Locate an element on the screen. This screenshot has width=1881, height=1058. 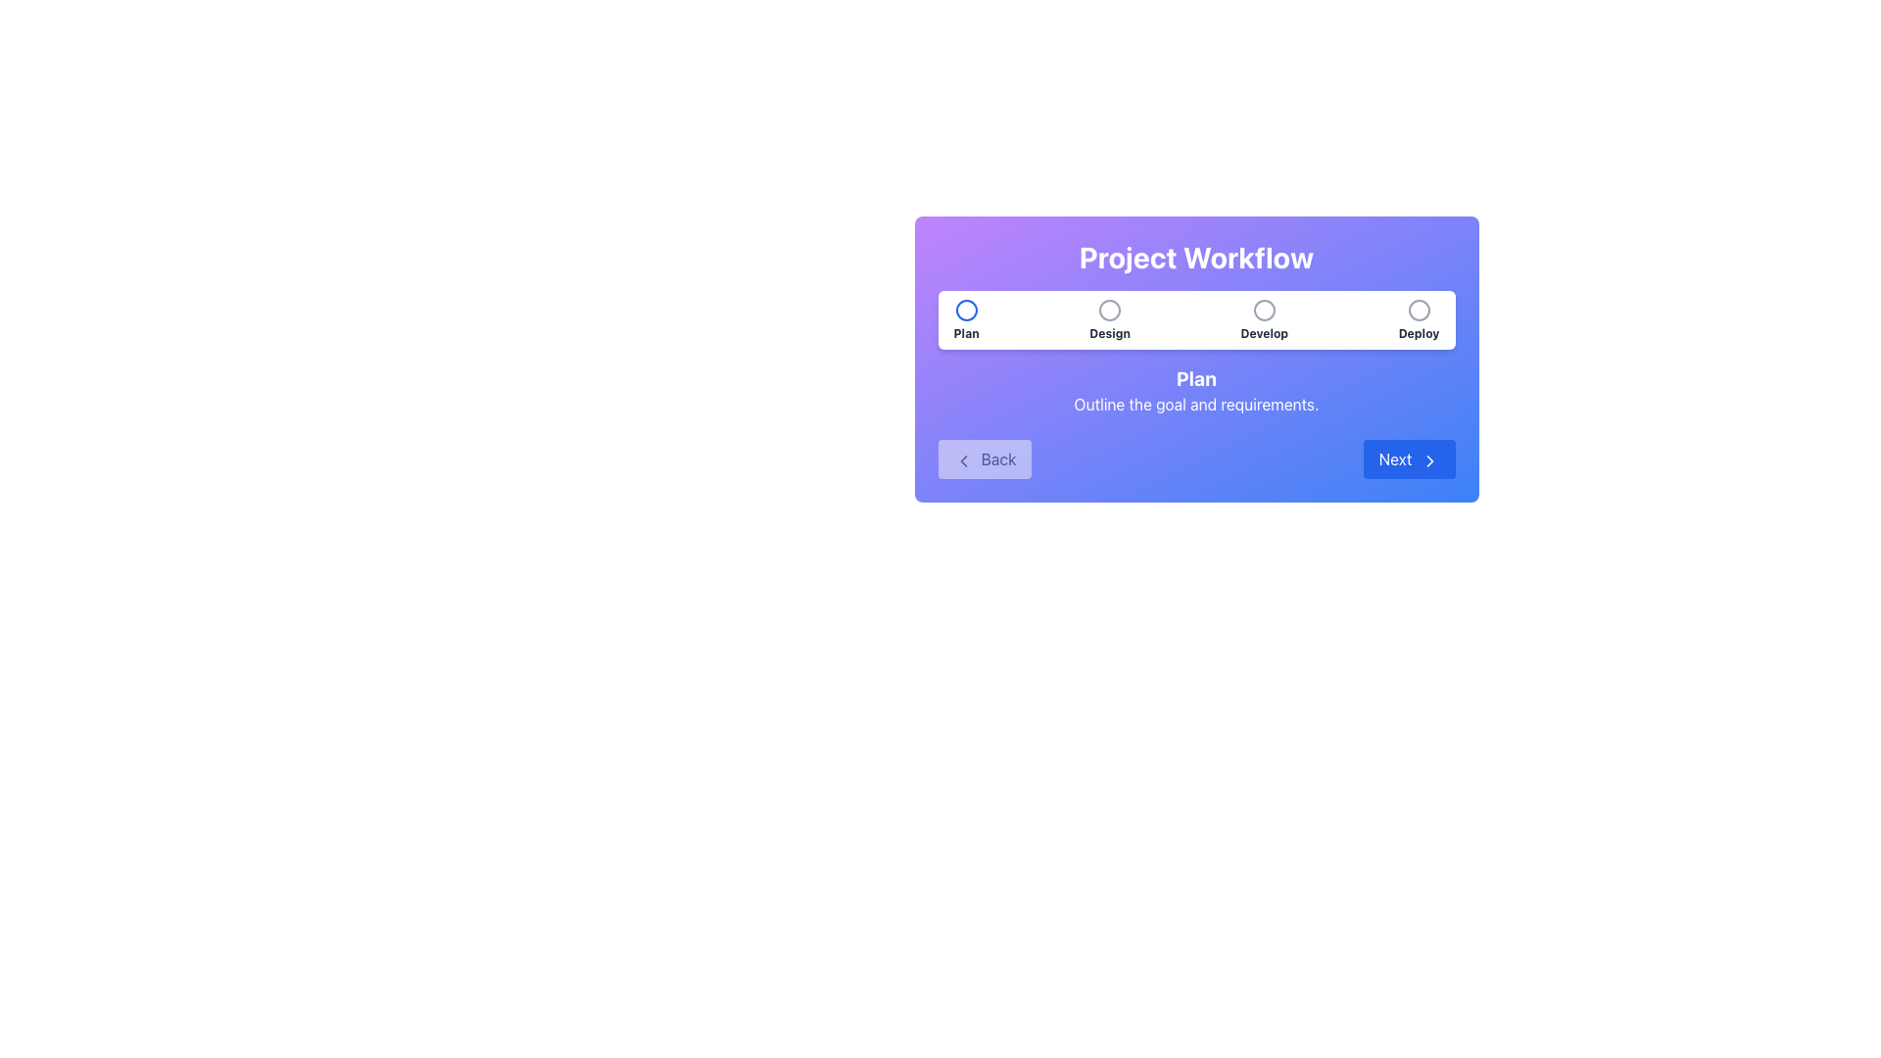
the bold and emphasized label for the 'Plan' phase in the workflow, which is positioned above the description 'Outline the goal and requirements.' is located at coordinates (1195, 378).